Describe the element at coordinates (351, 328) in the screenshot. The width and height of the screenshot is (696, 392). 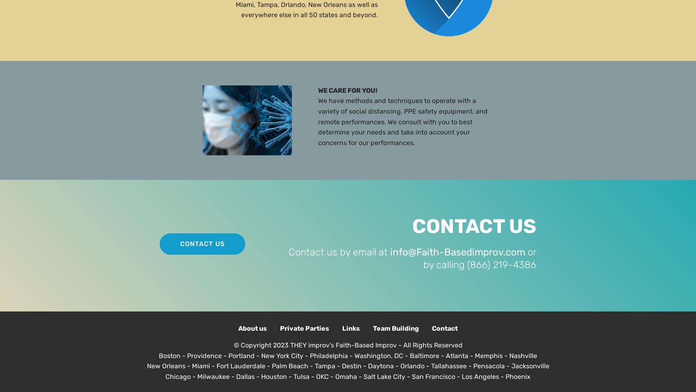
I see `'Links'` at that location.